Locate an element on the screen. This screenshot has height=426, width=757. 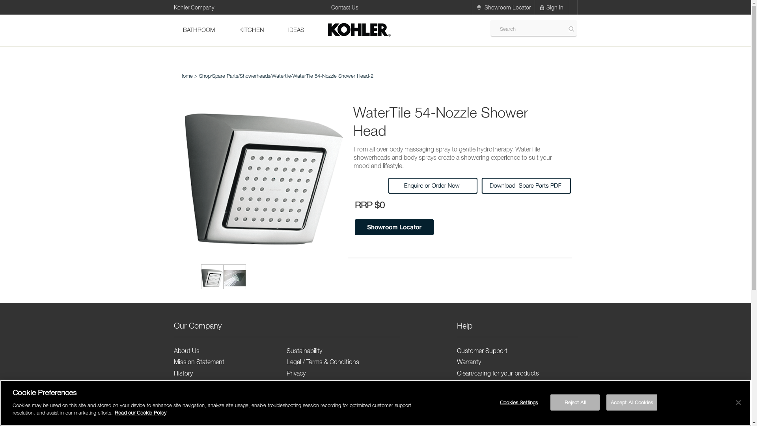
'History' is located at coordinates (183, 373).